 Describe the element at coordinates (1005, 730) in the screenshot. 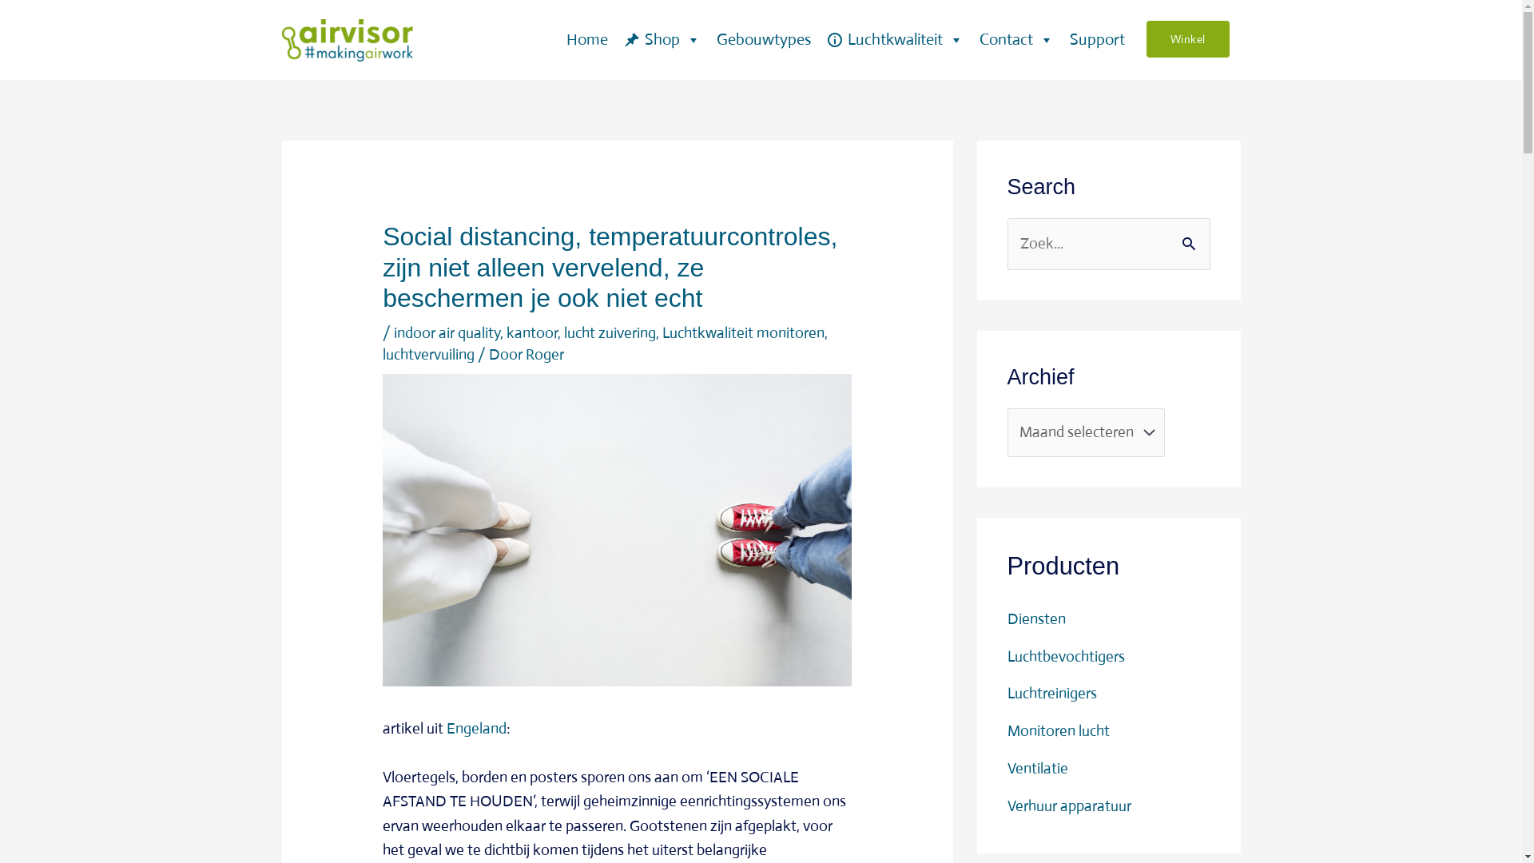

I see `'Monitoren lucht'` at that location.